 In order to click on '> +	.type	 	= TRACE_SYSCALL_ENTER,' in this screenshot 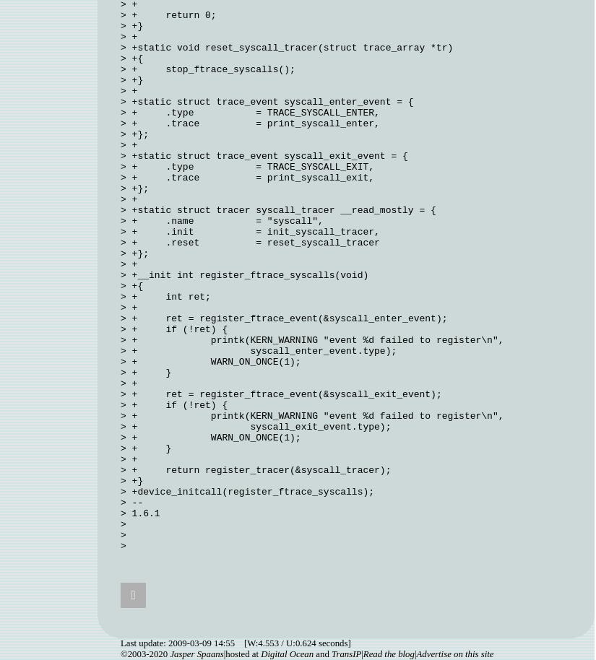, I will do `click(249, 112)`.